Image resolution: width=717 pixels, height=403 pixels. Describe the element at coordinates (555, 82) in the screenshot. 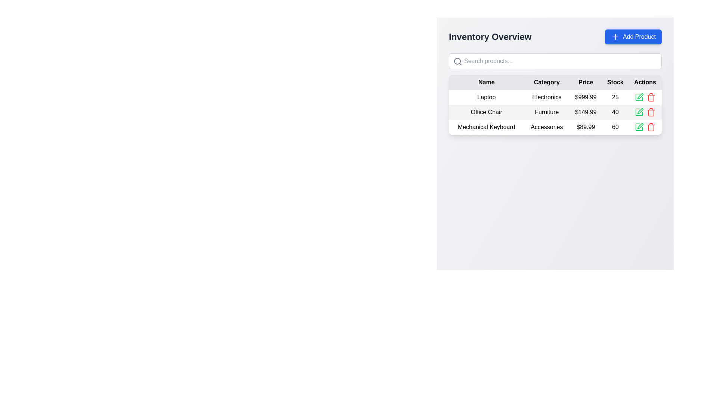

I see `the 'Category' label in the Table Header Row, which is styled with a gray background and contains labels like 'Name', 'Category', 'Price', 'Stock', and 'Actions'` at that location.